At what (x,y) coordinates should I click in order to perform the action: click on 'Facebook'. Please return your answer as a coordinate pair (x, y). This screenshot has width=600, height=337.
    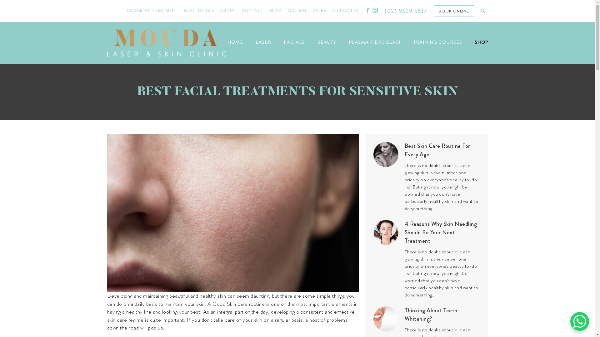
    Looking at the image, I should click on (367, 10).